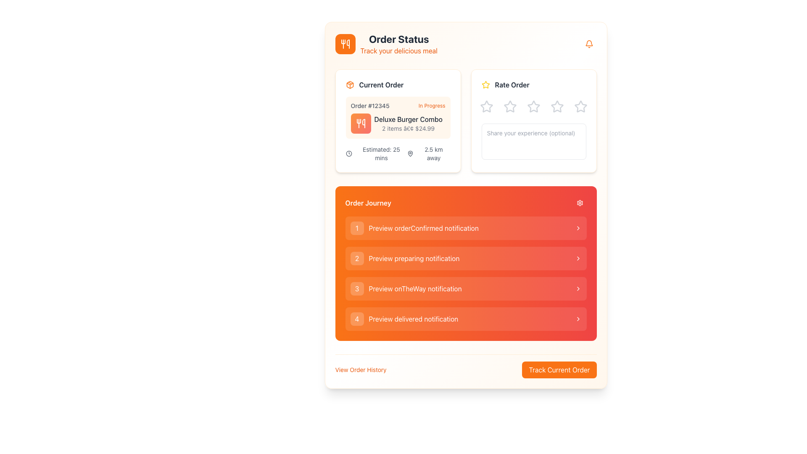 Image resolution: width=807 pixels, height=454 pixels. I want to click on the third star in the horizontal row of five stars in the 'Rate Order' section to rate the order, so click(533, 106).